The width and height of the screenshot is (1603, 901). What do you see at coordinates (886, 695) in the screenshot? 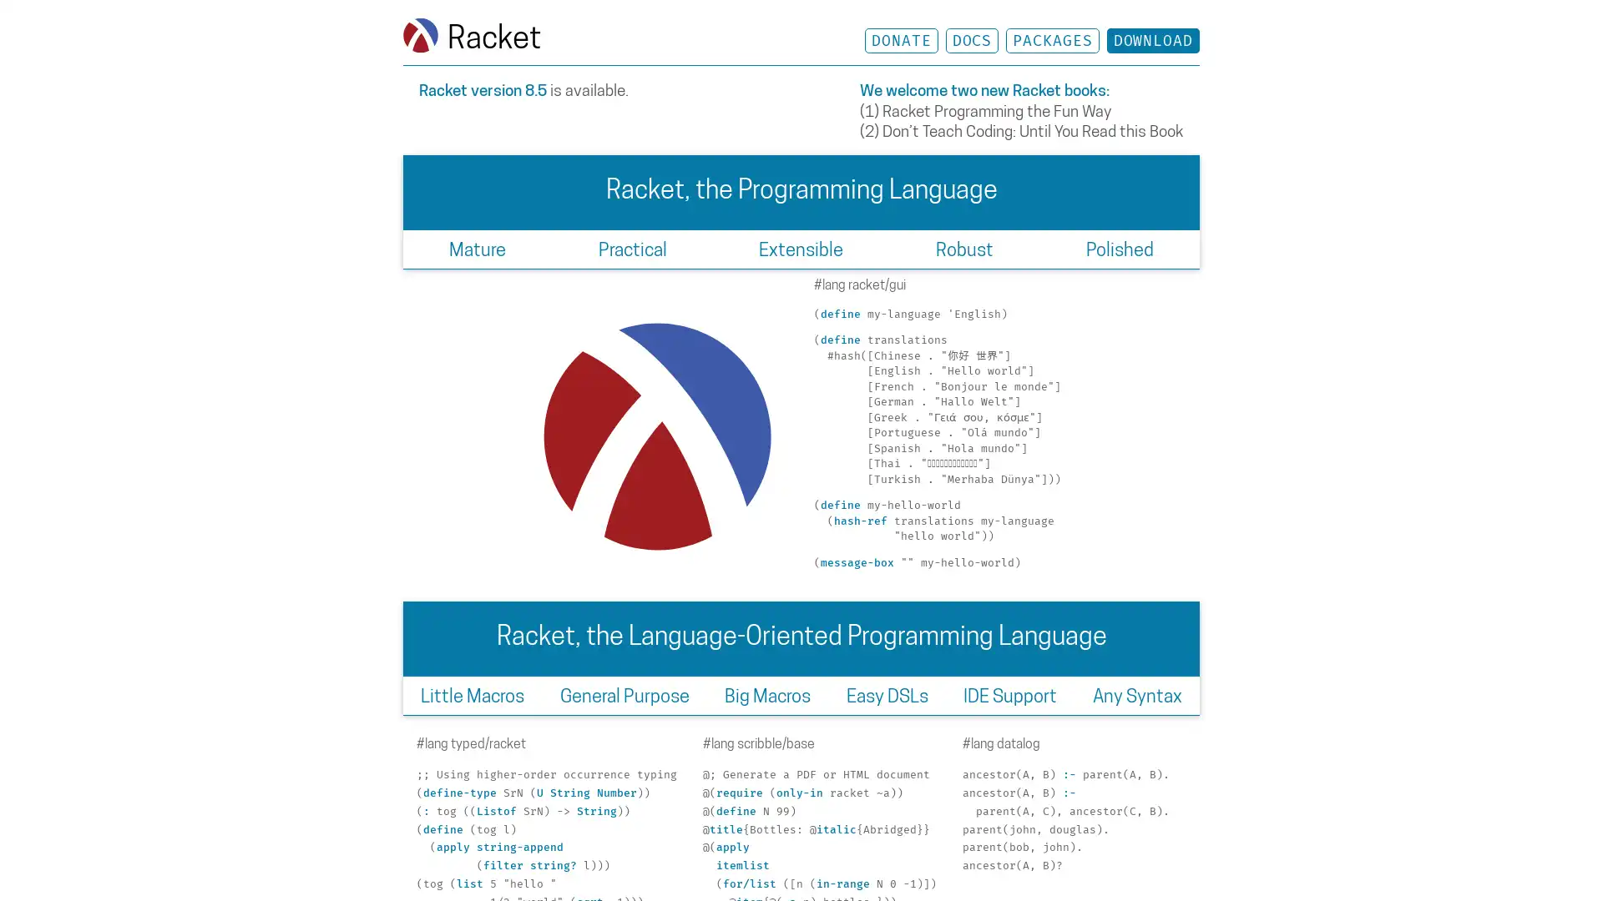
I see `Easy DSLs` at bounding box center [886, 695].